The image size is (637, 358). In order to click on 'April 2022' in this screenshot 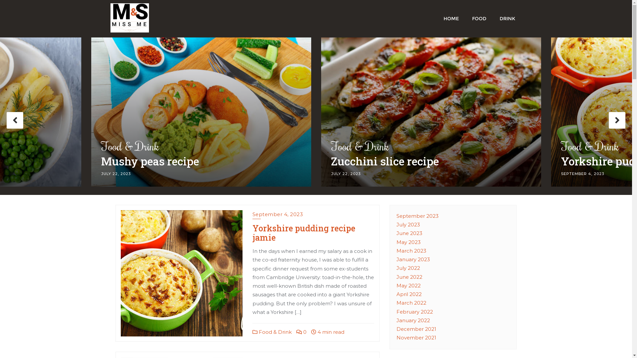, I will do `click(409, 294)`.